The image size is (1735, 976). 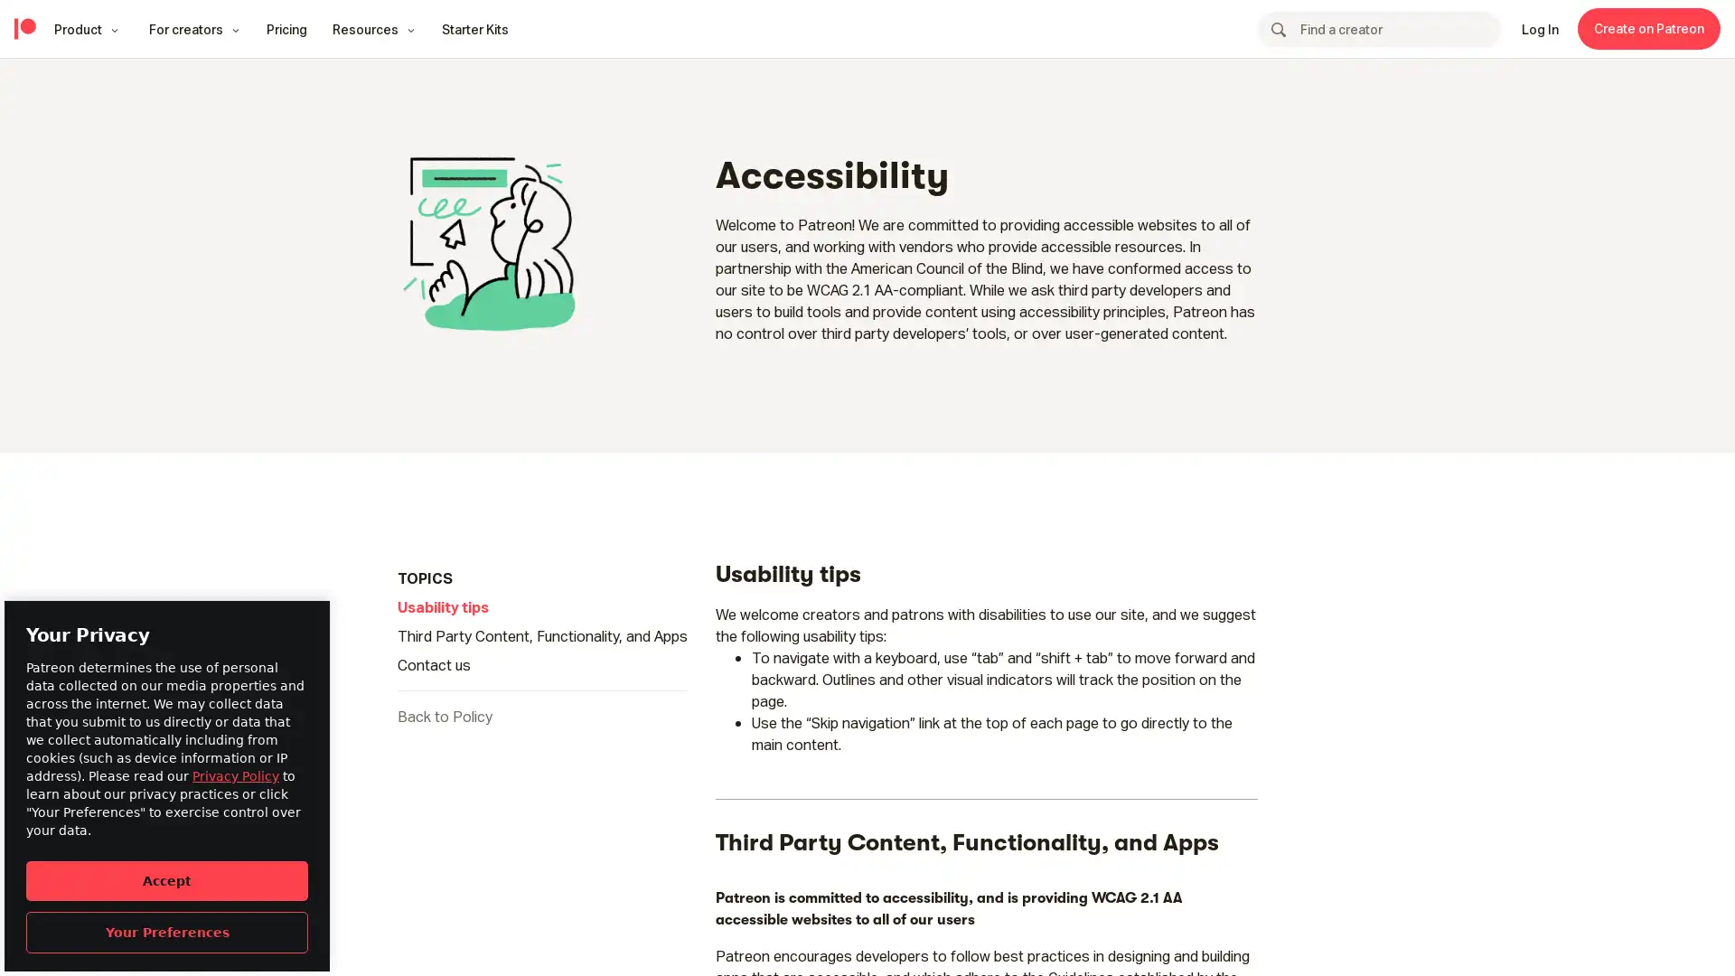 What do you see at coordinates (541, 633) in the screenshot?
I see `Third Party Content, Functionality, and Apps` at bounding box center [541, 633].